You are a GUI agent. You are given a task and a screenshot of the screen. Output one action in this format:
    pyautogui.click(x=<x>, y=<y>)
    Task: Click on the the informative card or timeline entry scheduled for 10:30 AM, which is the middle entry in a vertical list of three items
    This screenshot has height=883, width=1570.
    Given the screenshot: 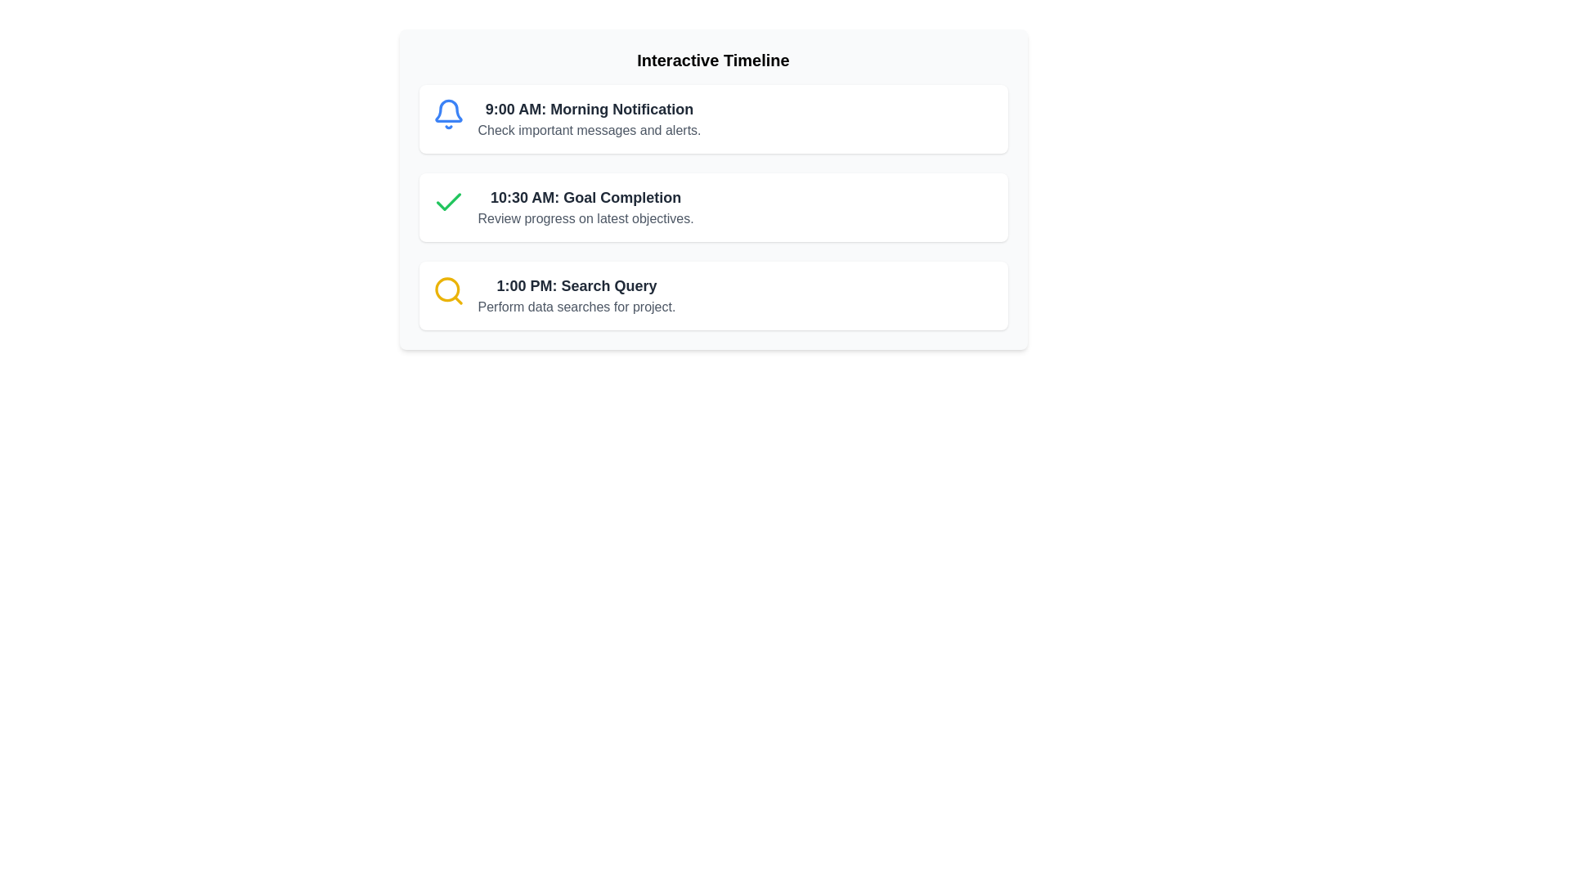 What is the action you would take?
    pyautogui.click(x=713, y=207)
    